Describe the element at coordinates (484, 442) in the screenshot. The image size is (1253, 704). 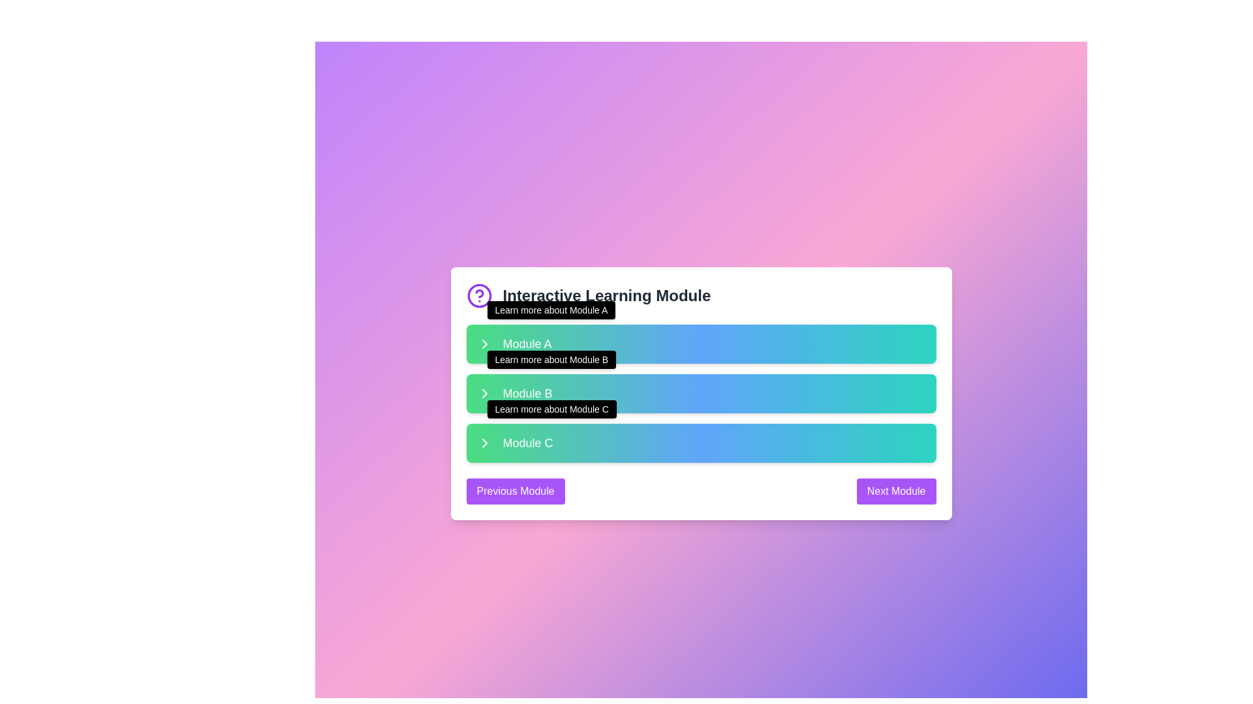
I see `the right-pointing icon indicating expandability or navigability within the green button labeled 'Module B'` at that location.